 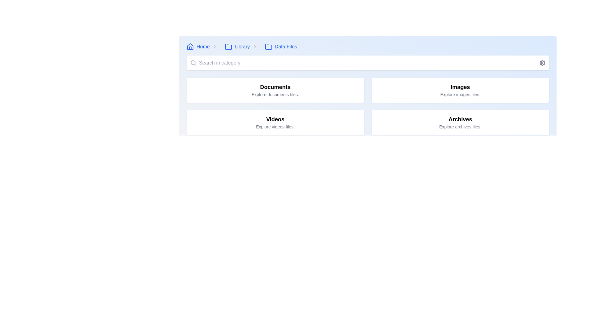 What do you see at coordinates (198, 46) in the screenshot?
I see `the 'Home' hyperlink in the breadcrumb navigation` at bounding box center [198, 46].